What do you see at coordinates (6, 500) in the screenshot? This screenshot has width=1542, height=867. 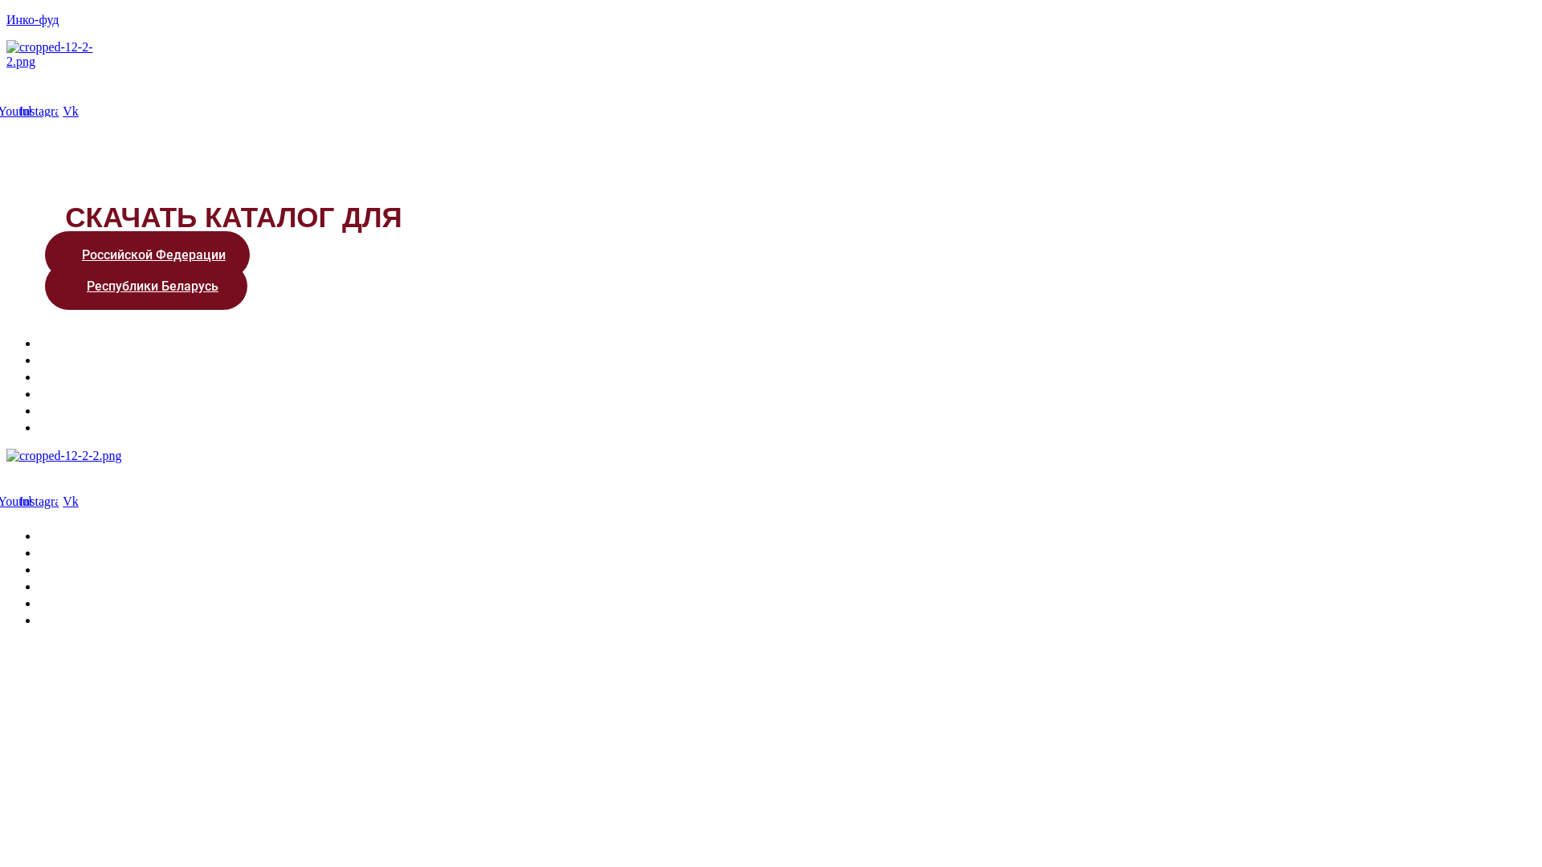 I see `'Youtube'` at bounding box center [6, 500].